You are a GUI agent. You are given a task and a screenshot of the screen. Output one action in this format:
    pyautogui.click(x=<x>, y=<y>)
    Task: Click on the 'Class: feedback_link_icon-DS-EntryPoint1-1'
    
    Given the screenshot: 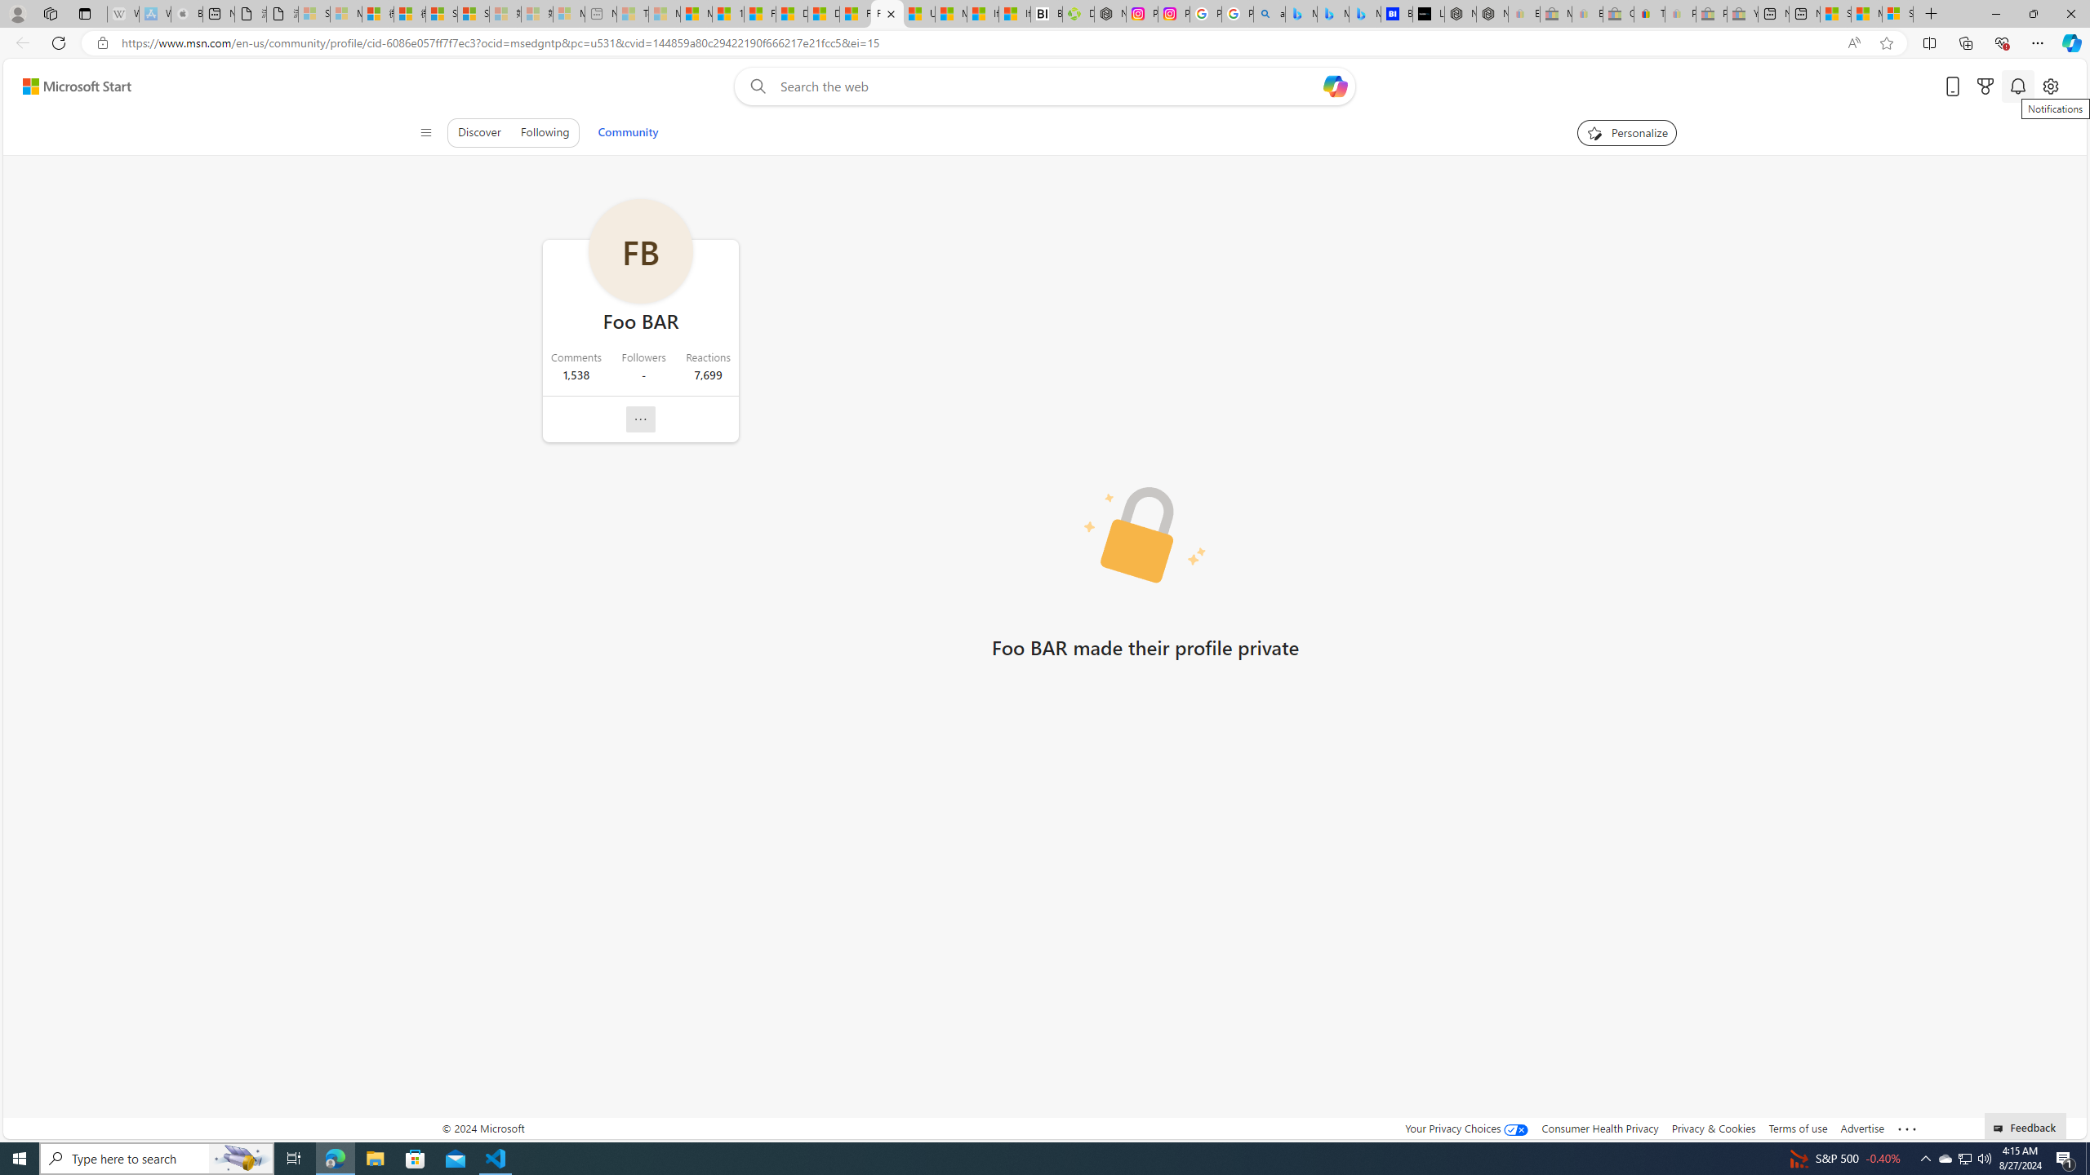 What is the action you would take?
    pyautogui.click(x=2000, y=1128)
    